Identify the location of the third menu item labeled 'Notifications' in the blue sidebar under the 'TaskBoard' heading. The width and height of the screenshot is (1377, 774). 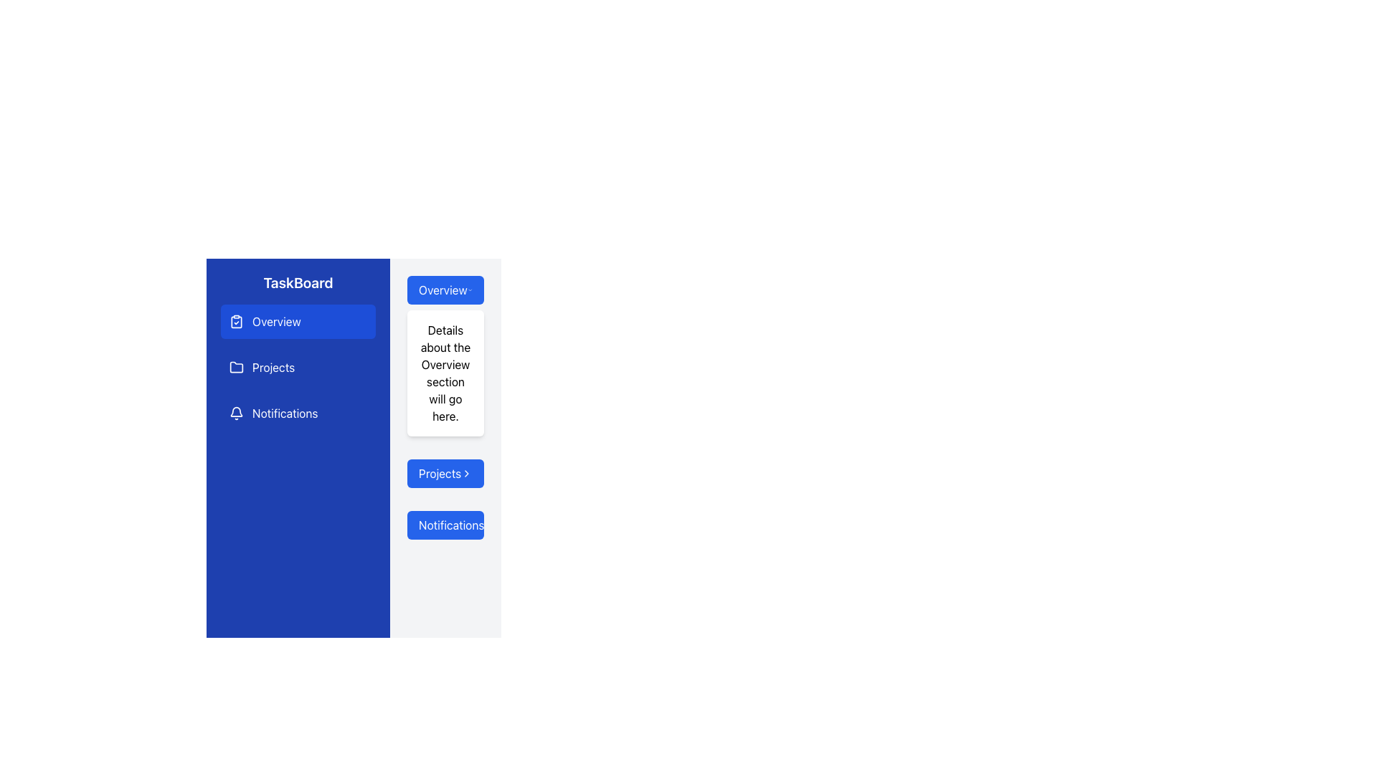
(298, 414).